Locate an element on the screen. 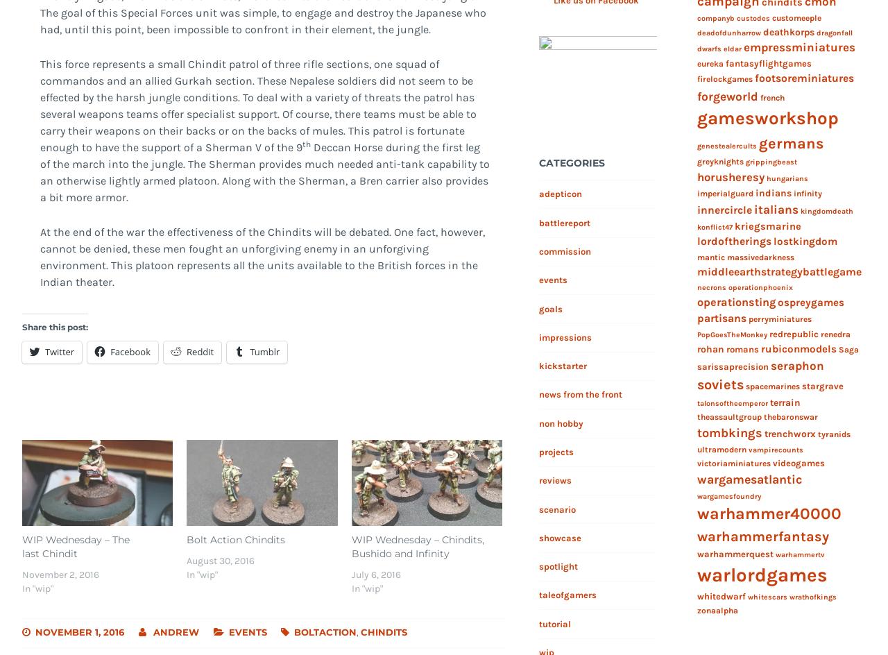 This screenshot has width=888, height=655. 'deadofdunharrow' is located at coordinates (727, 32).